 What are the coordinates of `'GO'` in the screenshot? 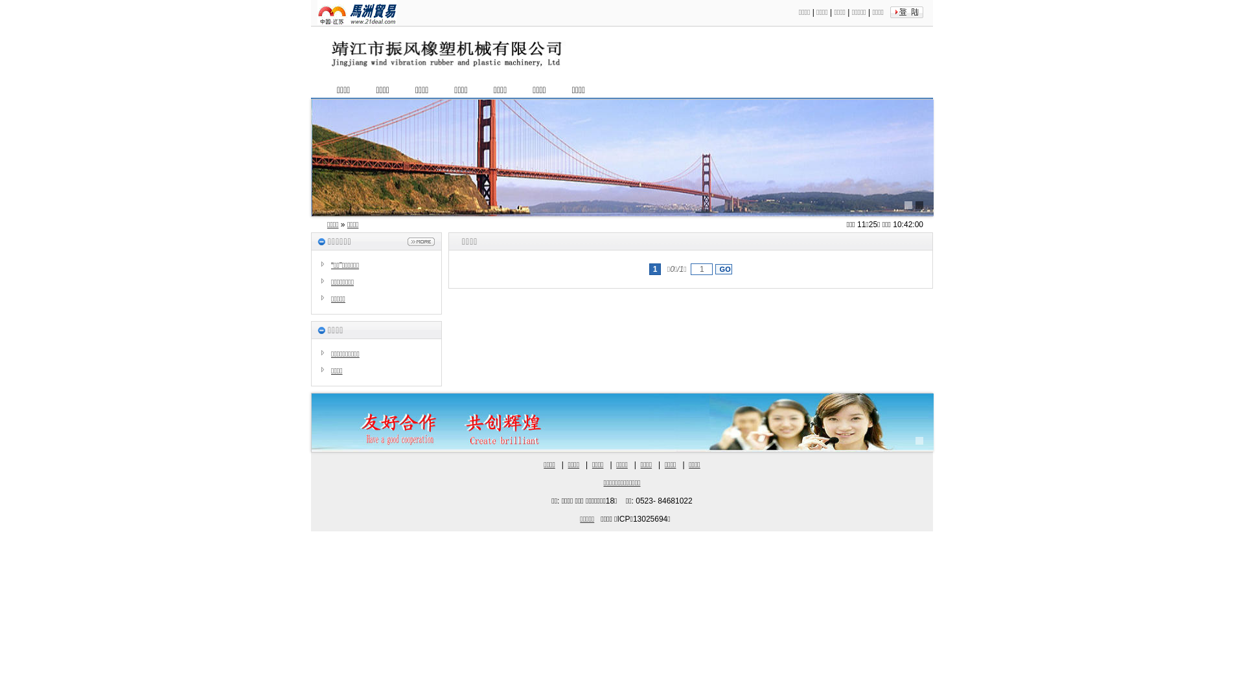 It's located at (715, 269).